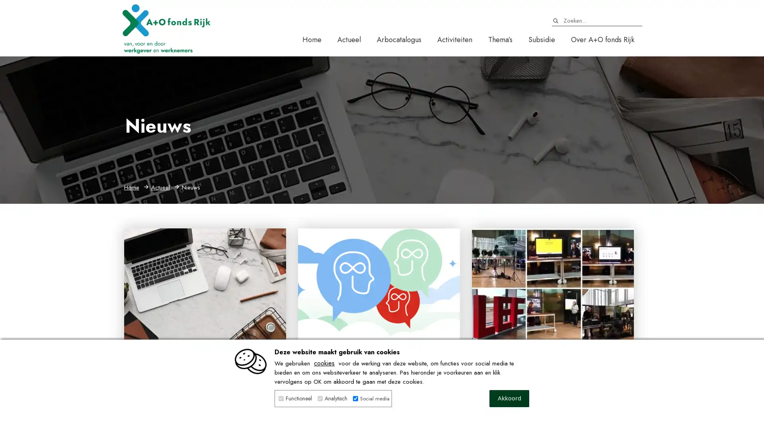  What do you see at coordinates (509, 398) in the screenshot?
I see `Akkoord` at bounding box center [509, 398].